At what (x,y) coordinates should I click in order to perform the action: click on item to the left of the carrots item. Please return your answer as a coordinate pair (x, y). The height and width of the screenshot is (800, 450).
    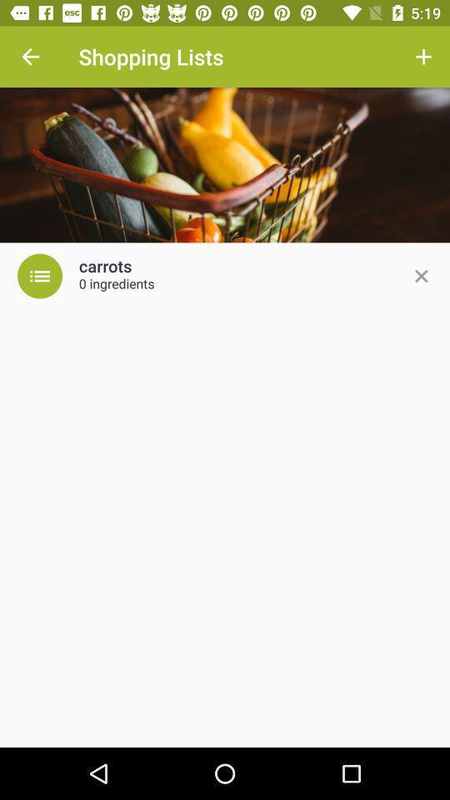
    Looking at the image, I should click on (40, 276).